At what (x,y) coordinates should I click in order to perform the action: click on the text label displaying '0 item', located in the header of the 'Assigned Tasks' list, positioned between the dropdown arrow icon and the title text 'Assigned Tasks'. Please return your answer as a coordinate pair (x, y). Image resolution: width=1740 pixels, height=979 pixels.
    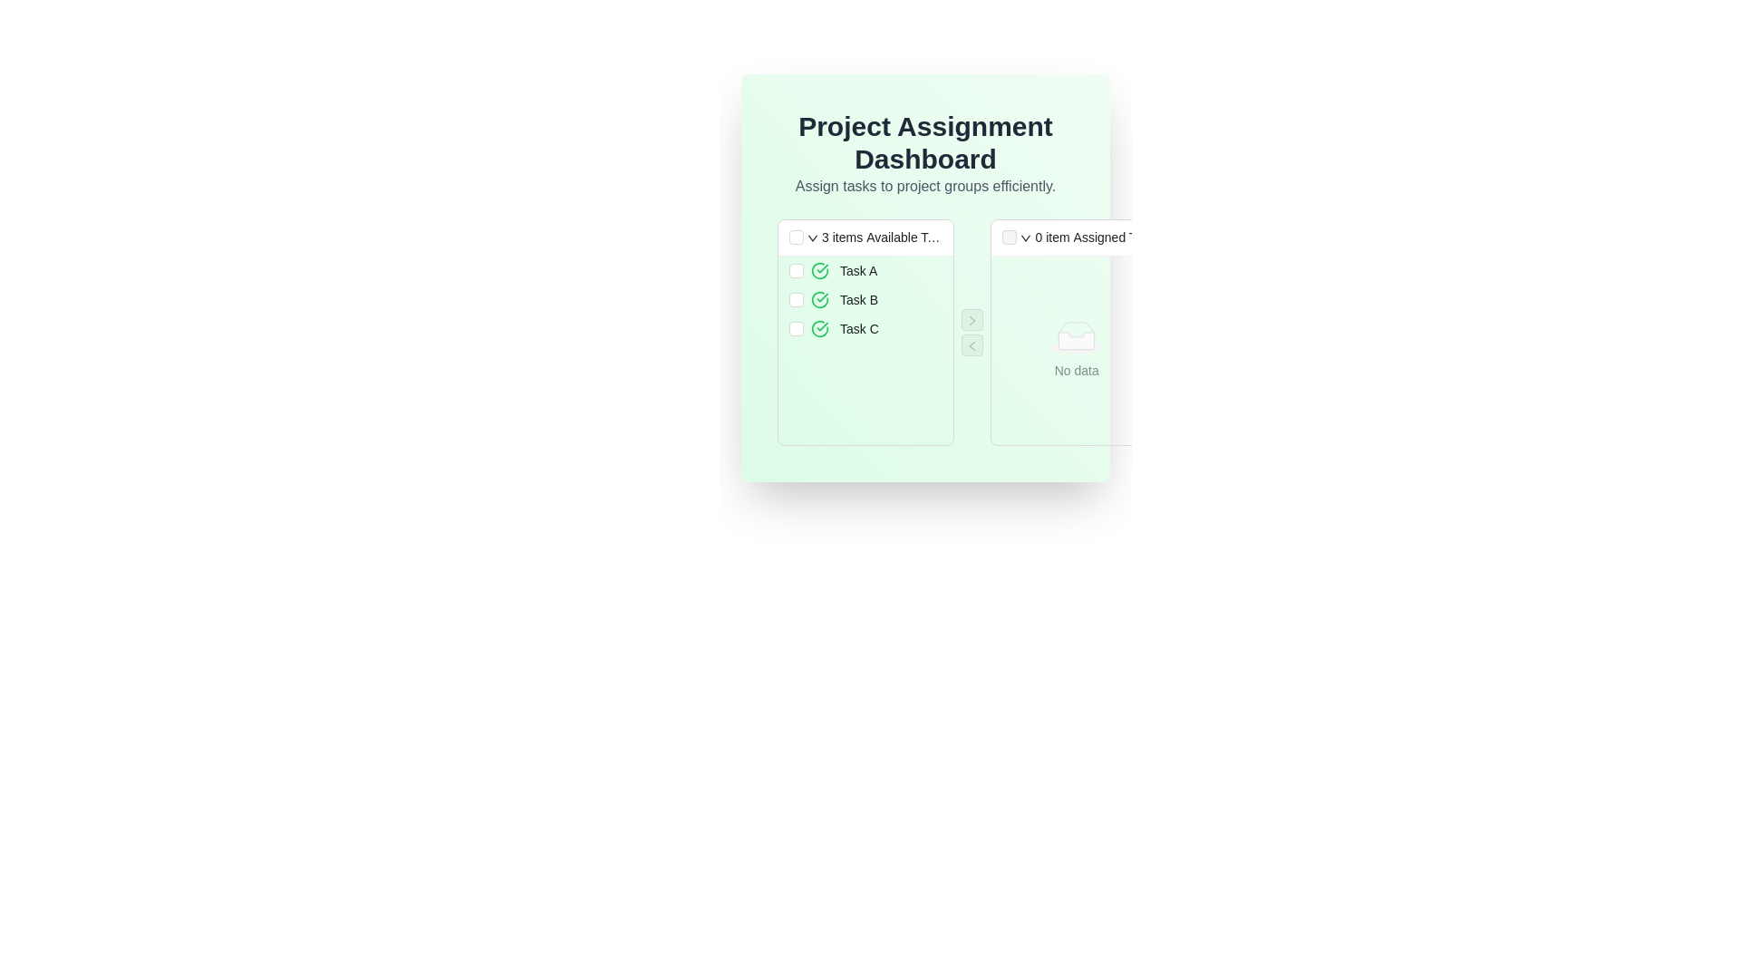
    Looking at the image, I should click on (1052, 237).